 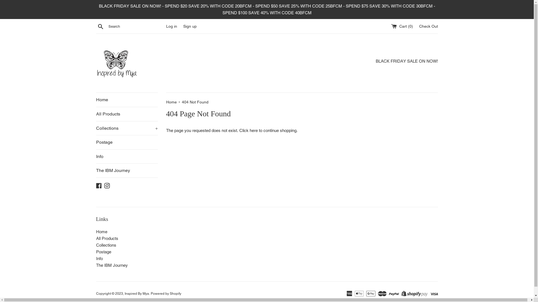 I want to click on 'Search', so click(x=100, y=26).